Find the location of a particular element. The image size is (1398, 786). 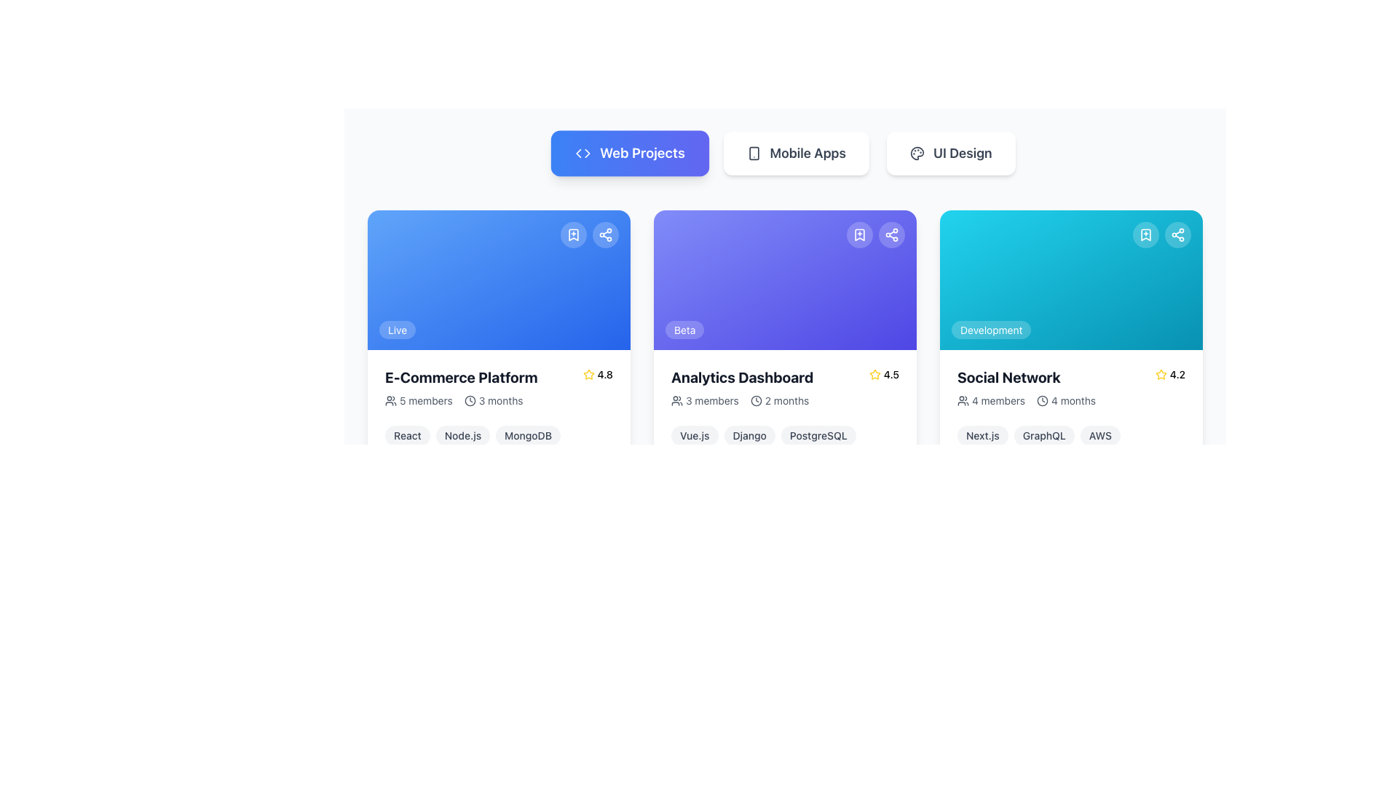

the share button, the second circular interactive component in the top-right corner of the first card in the 'Web Projects' section is located at coordinates (605, 234).